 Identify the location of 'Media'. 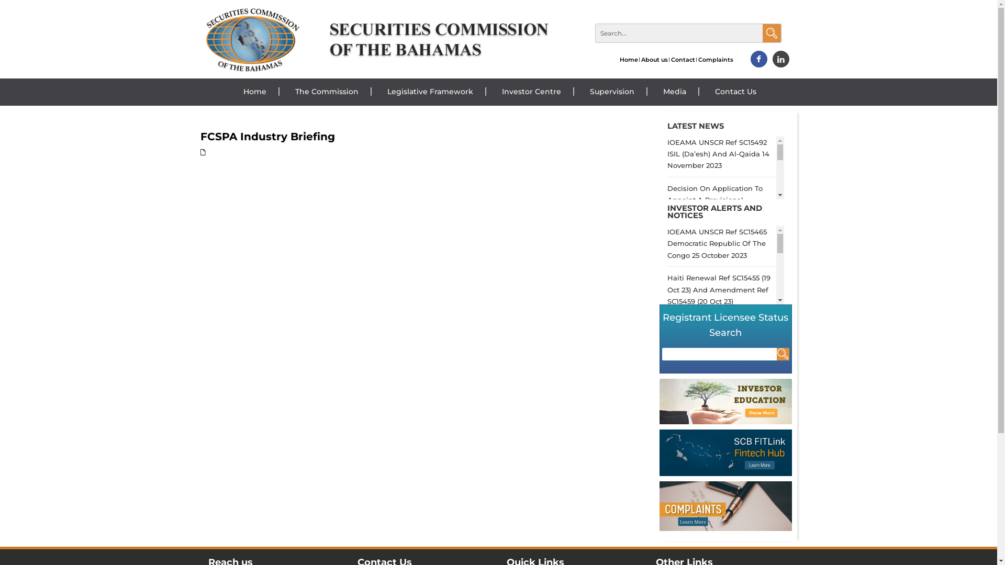
(675, 91).